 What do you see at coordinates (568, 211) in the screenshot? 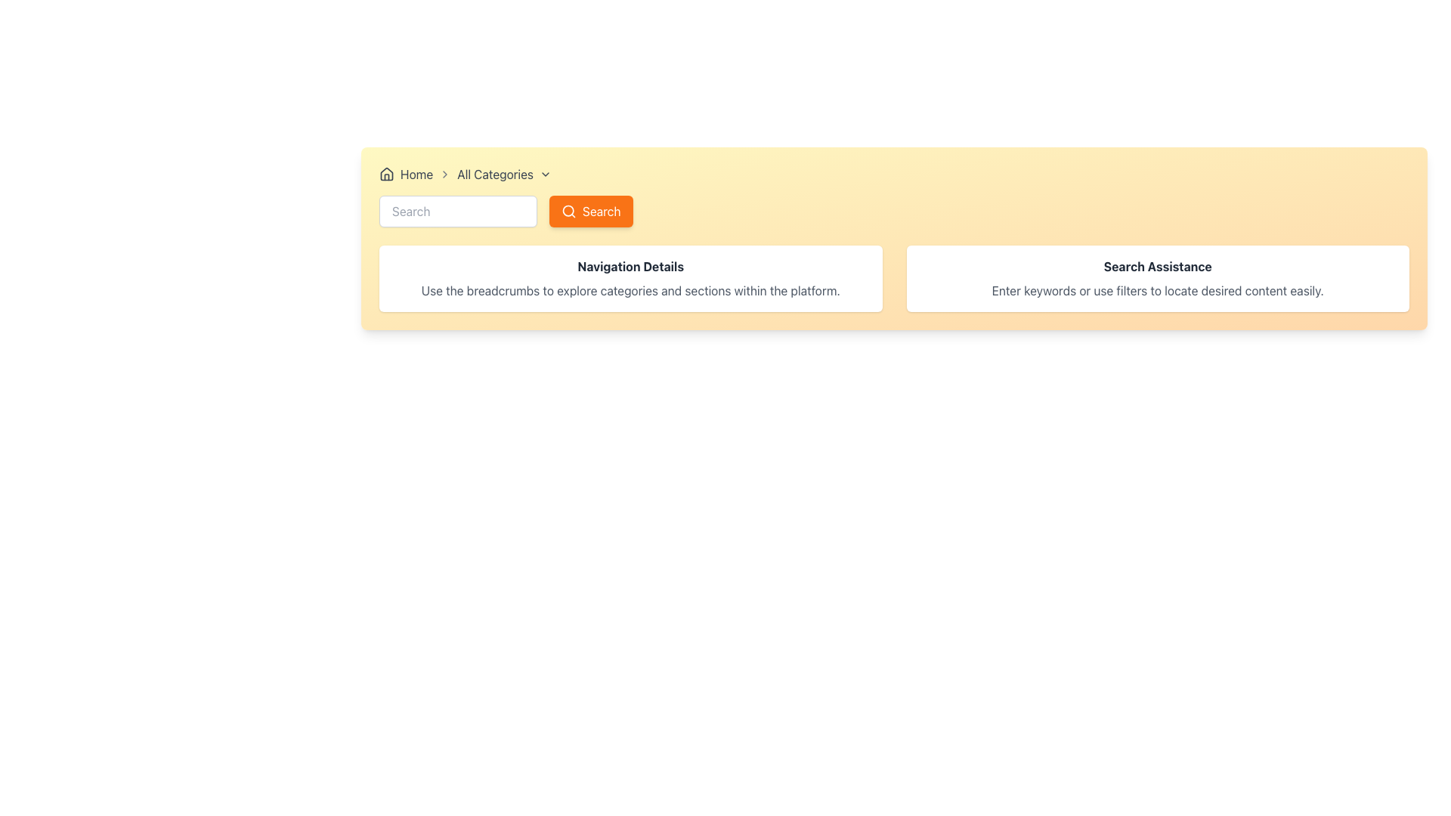
I see `the Circle element representing the lens part of the magnifying glass icon within the search button located at the upper-right section of the webpage` at bounding box center [568, 211].